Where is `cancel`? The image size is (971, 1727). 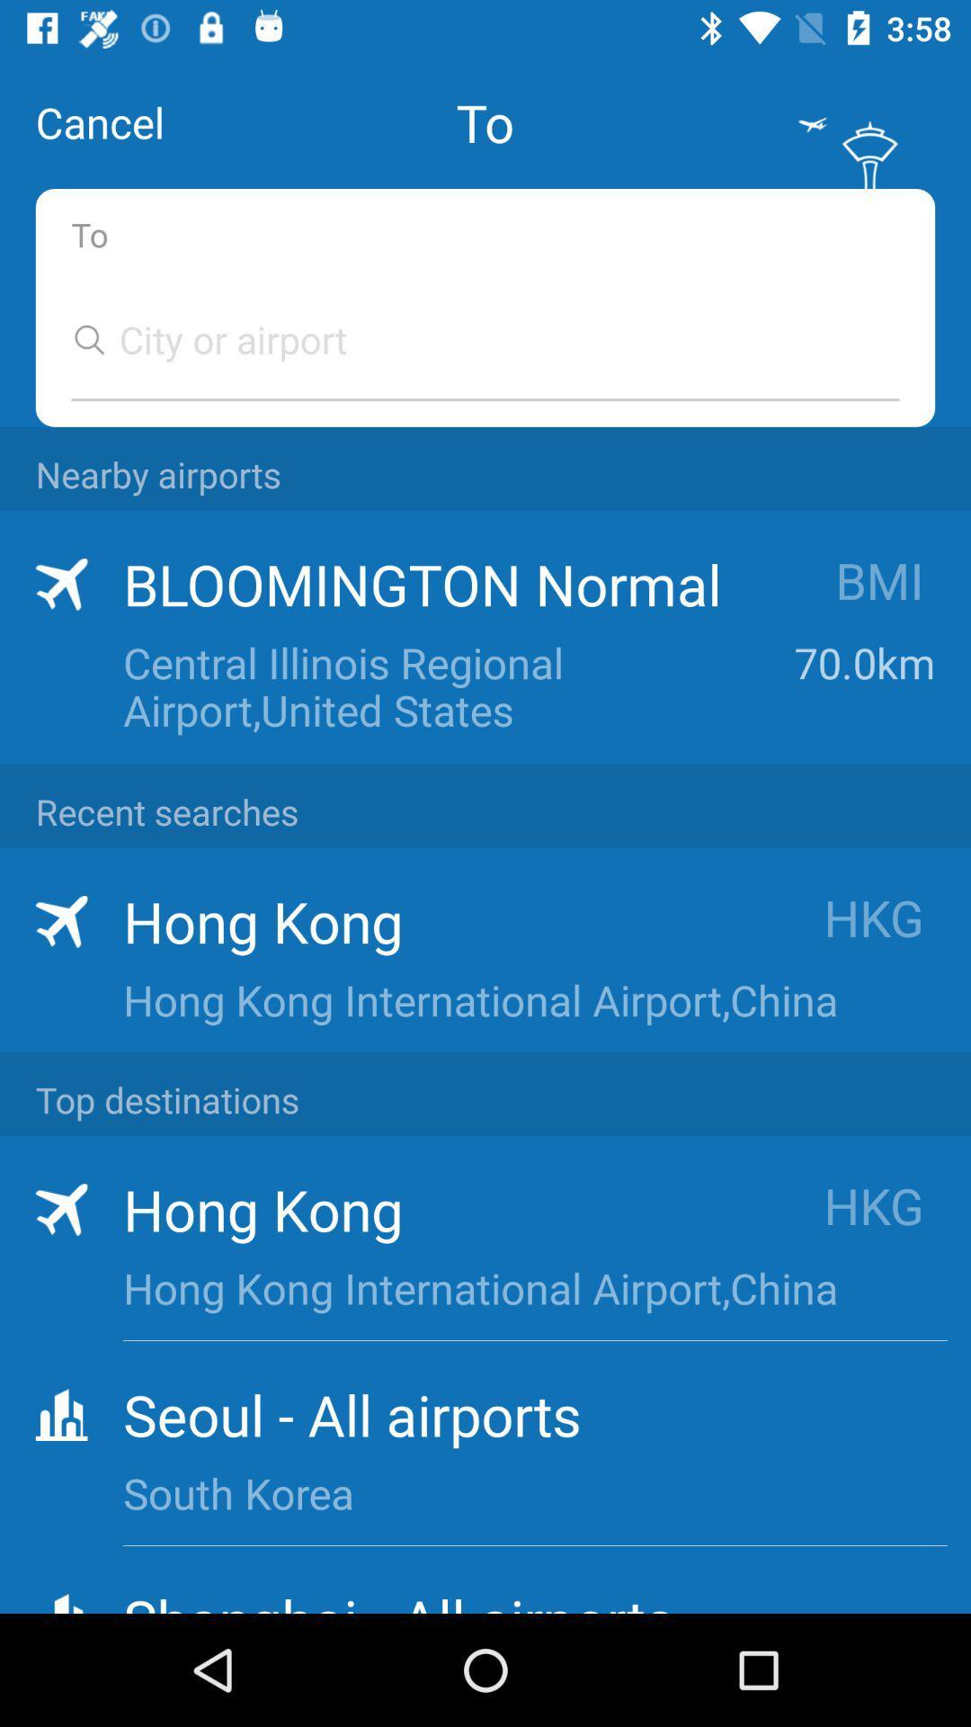
cancel is located at coordinates (100, 121).